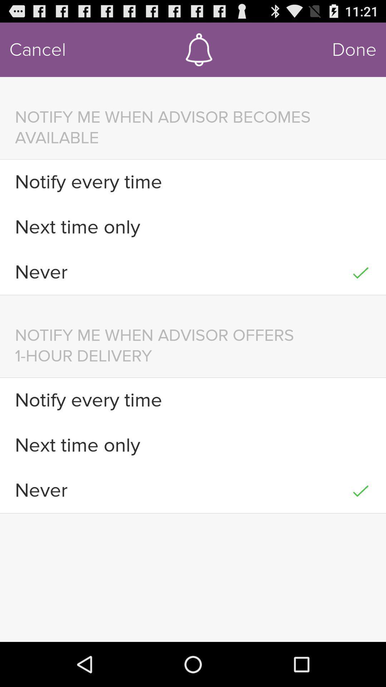 The height and width of the screenshot is (687, 386). Describe the element at coordinates (361, 226) in the screenshot. I see `item next to next time only` at that location.